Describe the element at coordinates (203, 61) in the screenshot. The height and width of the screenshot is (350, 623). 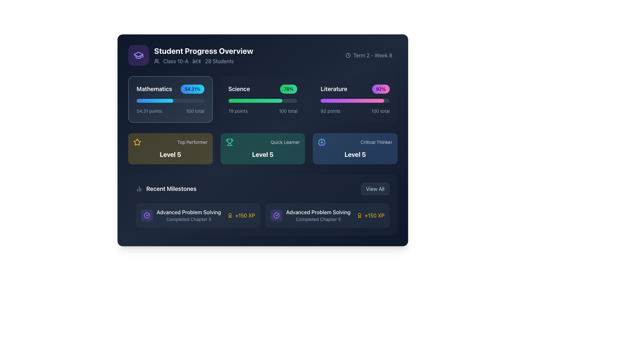
I see `the label component displaying 'Class 10-A • 28 Students' to associate the displayed information with the class details in the dashboard` at that location.